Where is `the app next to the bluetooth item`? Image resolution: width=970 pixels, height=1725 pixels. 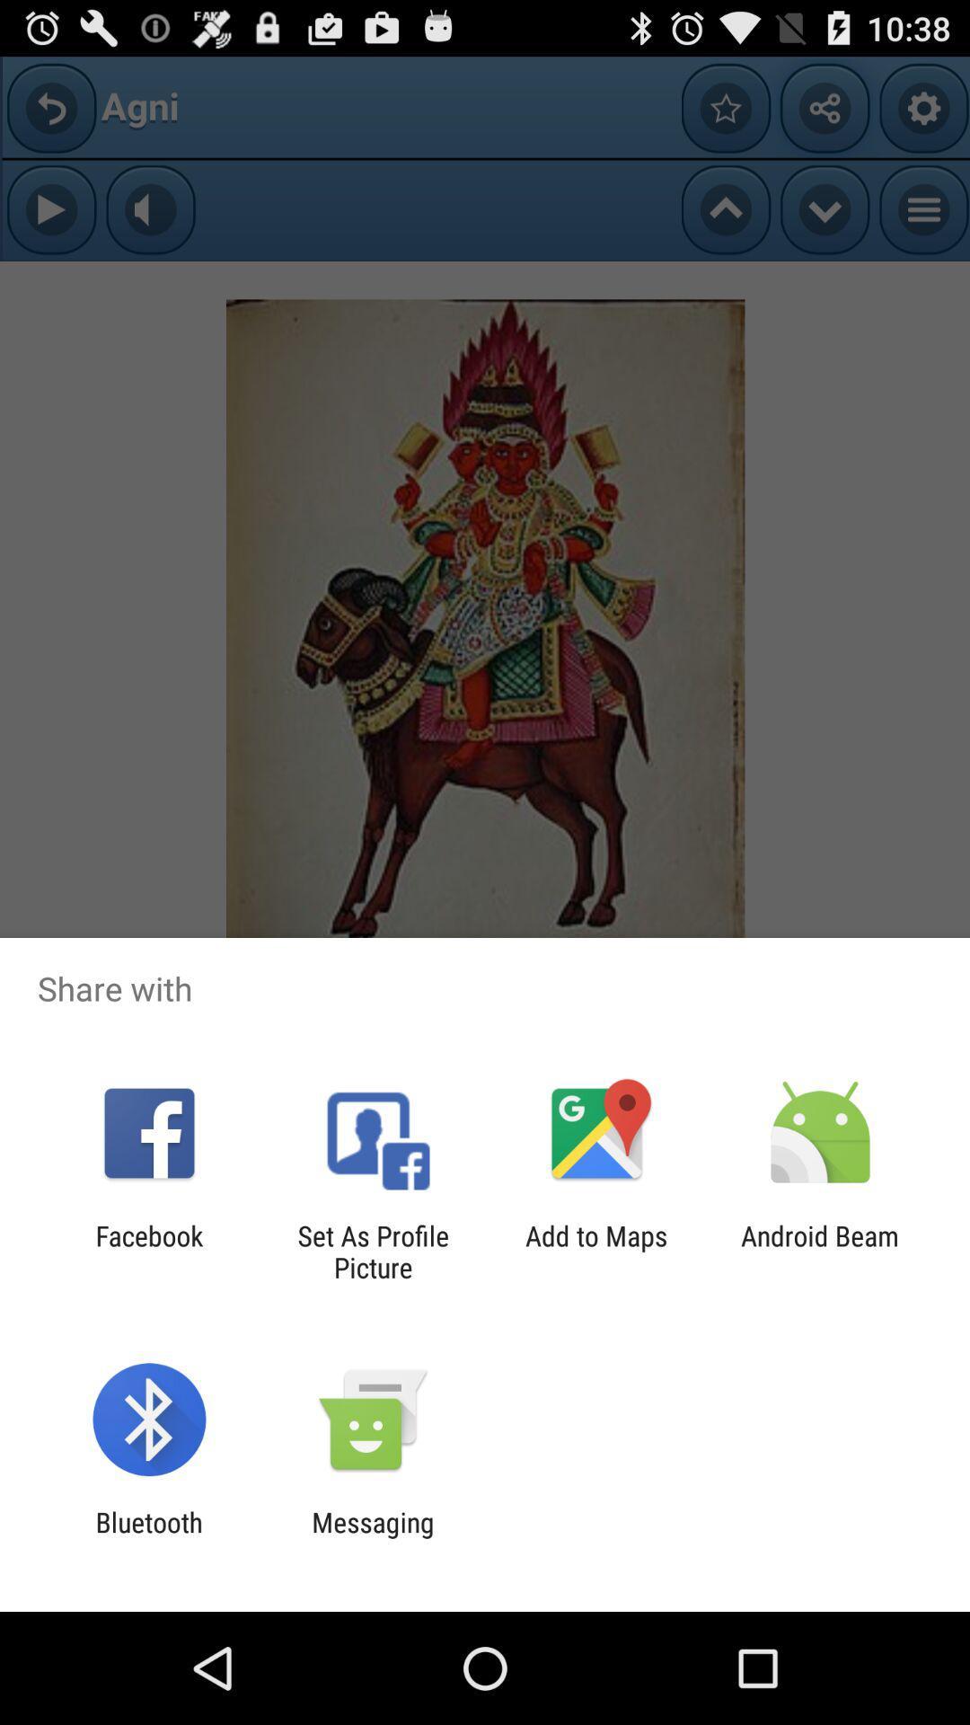 the app next to the bluetooth item is located at coordinates (372, 1537).